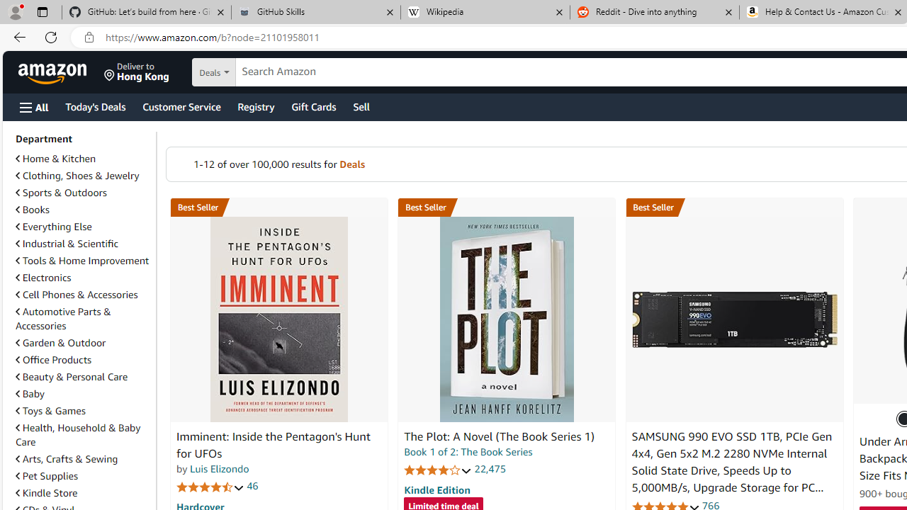 The width and height of the screenshot is (907, 510). I want to click on 'Gift Cards', so click(312, 106).